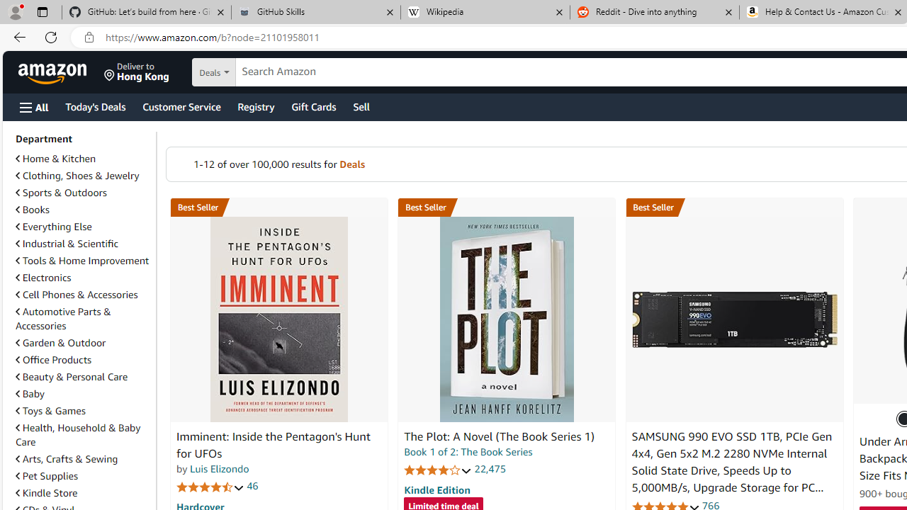 The width and height of the screenshot is (907, 510). I want to click on 'Gift Cards', so click(312, 106).